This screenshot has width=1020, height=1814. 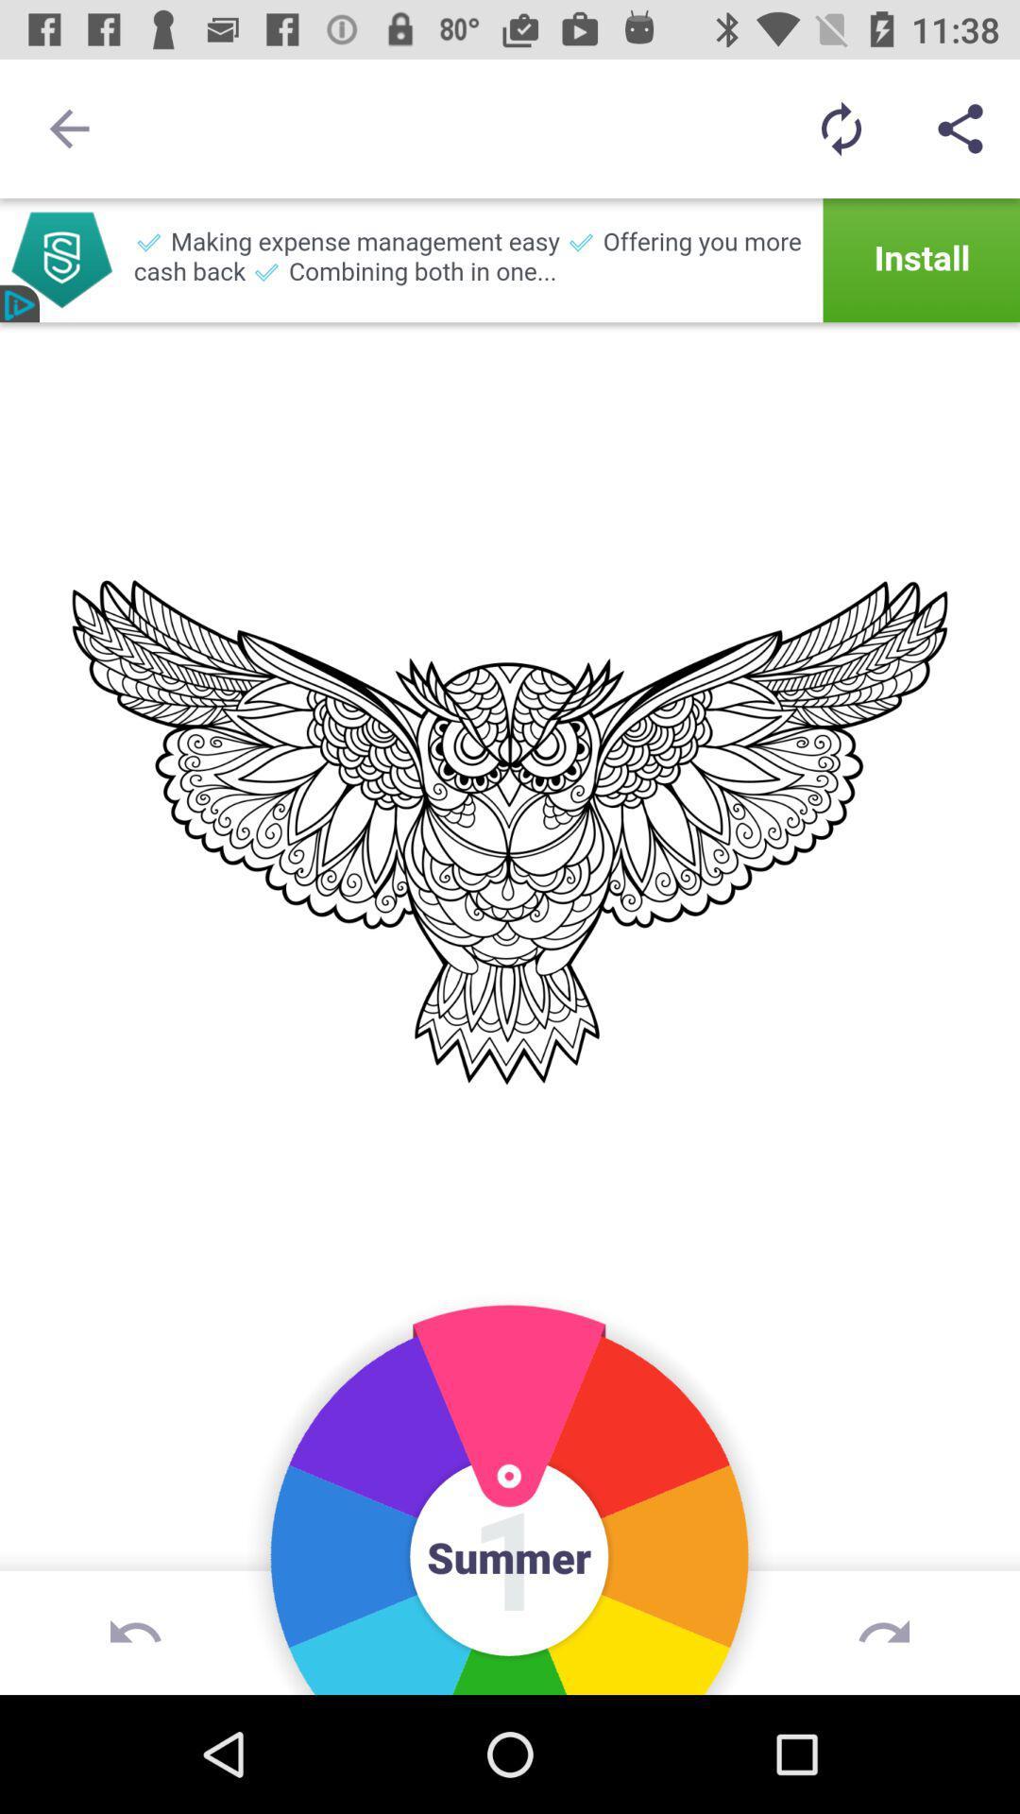 I want to click on the undo icon, so click(x=134, y=1632).